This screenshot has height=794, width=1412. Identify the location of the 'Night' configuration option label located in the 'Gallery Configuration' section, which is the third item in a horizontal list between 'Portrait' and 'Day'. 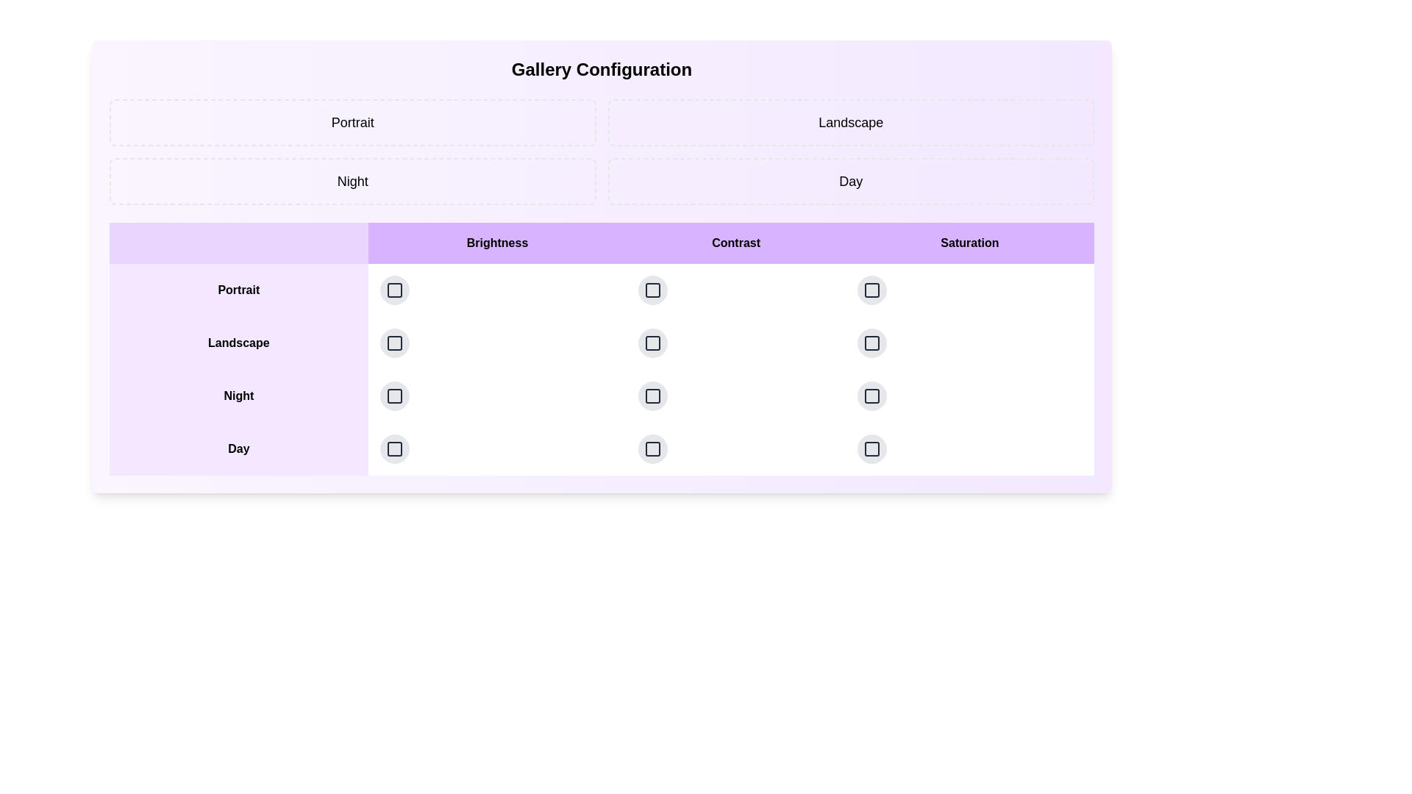
(352, 180).